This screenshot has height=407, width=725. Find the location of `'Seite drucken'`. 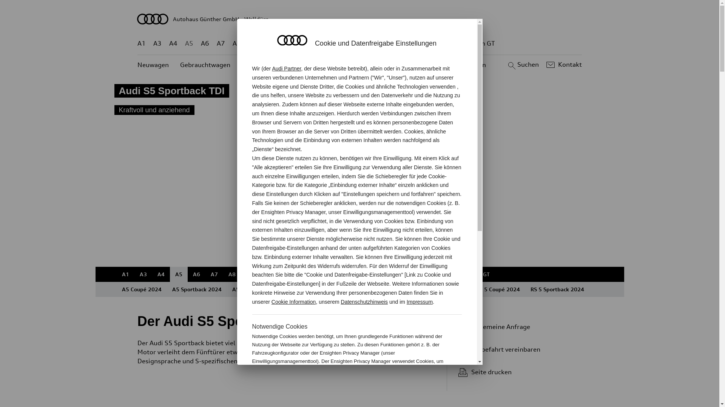

'Seite drucken' is located at coordinates (520, 372).